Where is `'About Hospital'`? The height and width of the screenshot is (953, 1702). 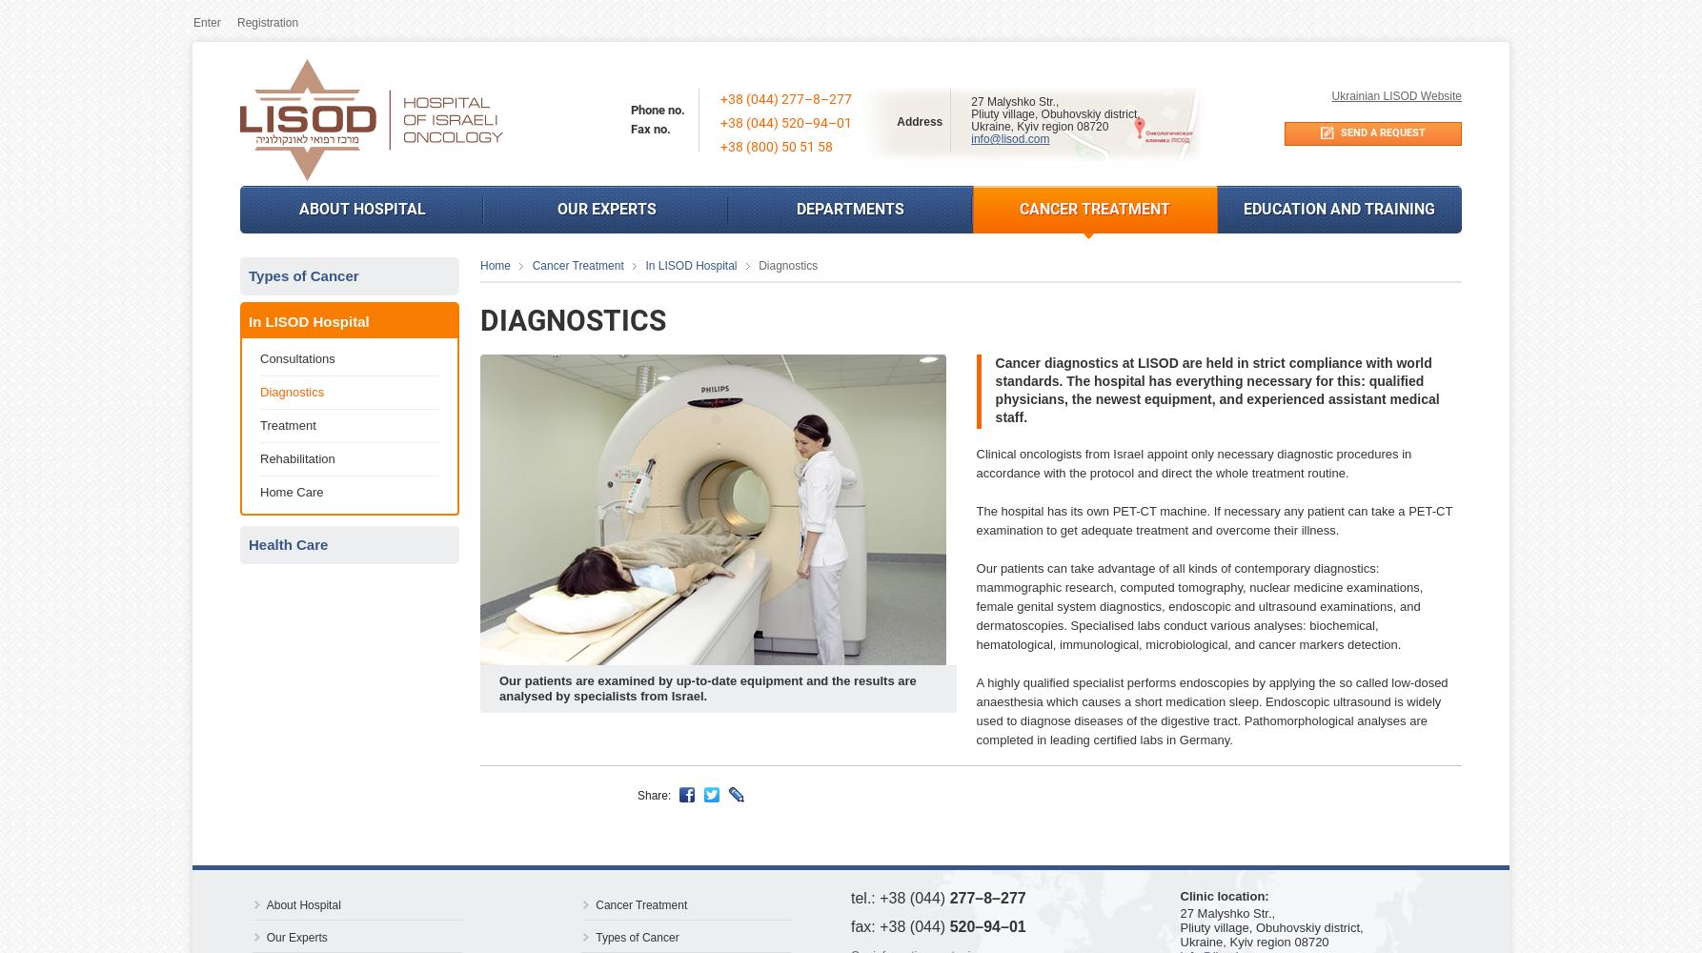 'About Hospital' is located at coordinates (303, 904).